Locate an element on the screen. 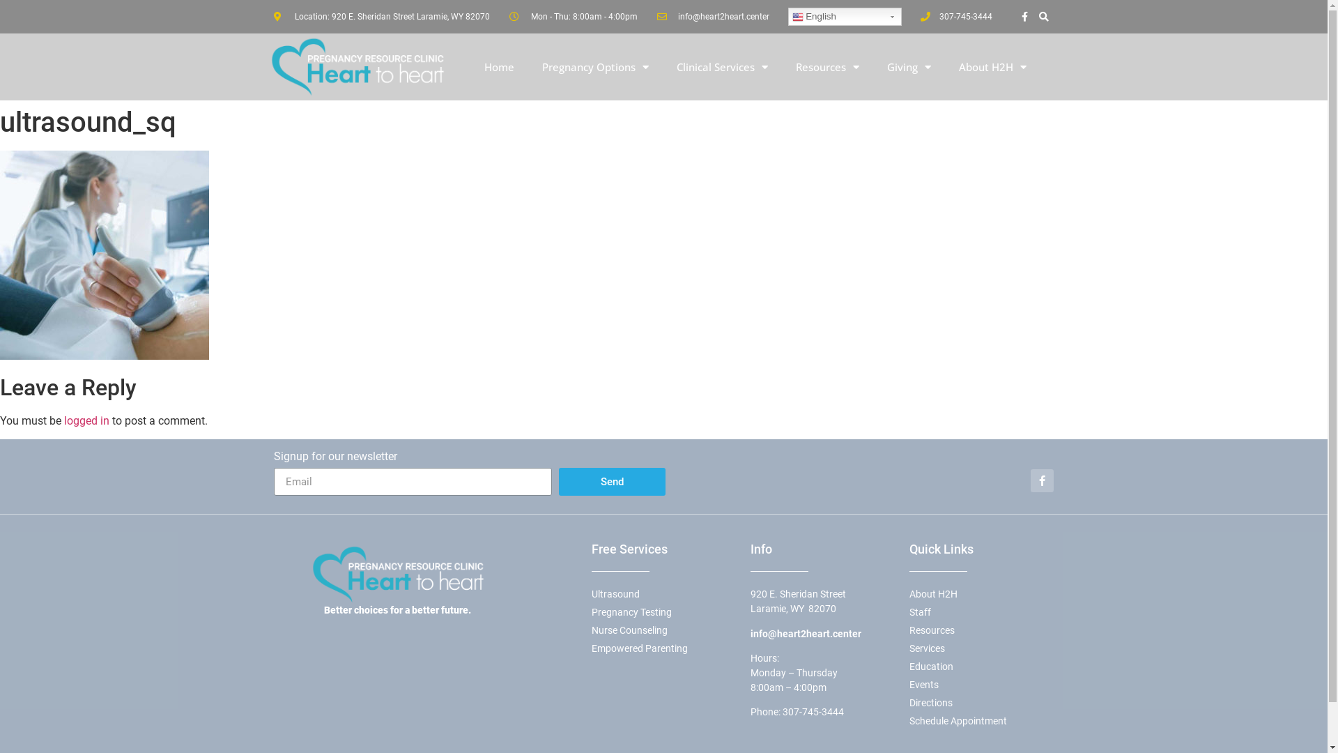  'Giving' is located at coordinates (872, 67).